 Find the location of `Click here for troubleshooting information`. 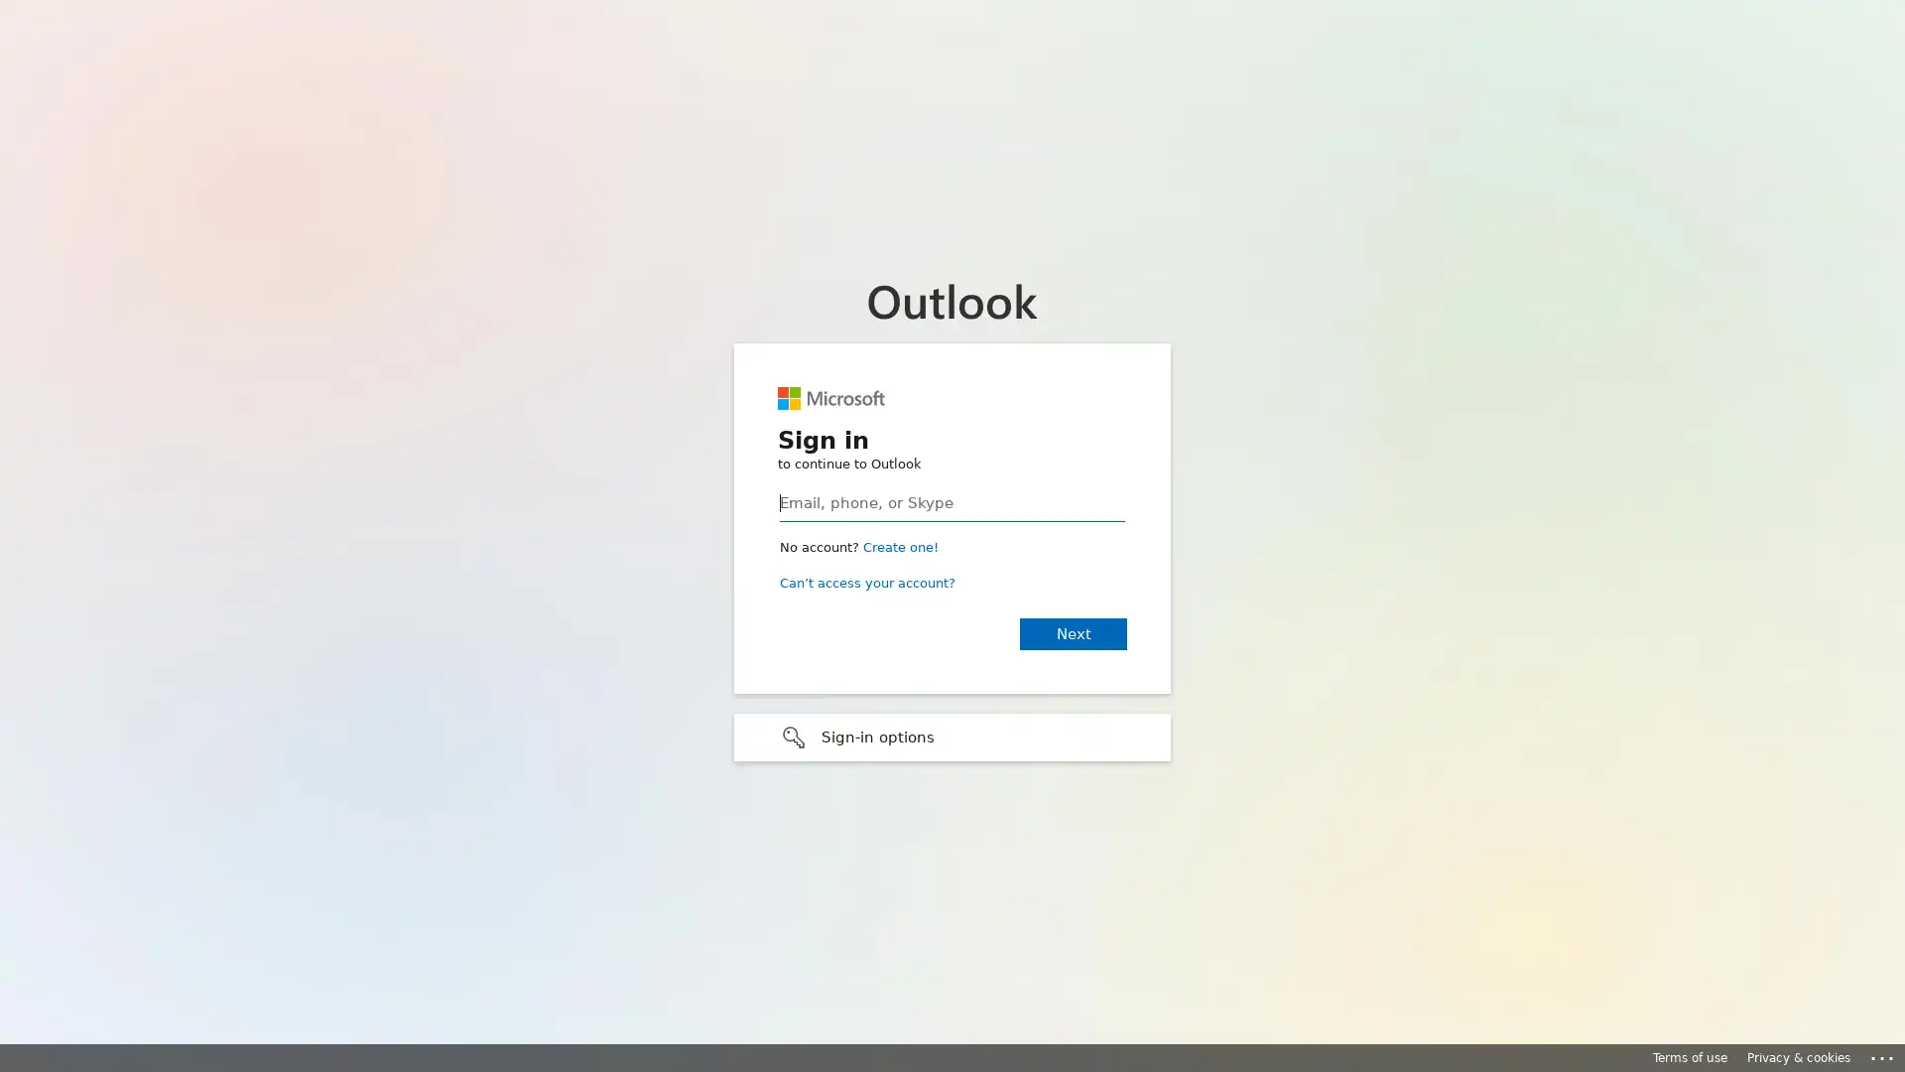

Click here for troubleshooting information is located at coordinates (1882, 1054).